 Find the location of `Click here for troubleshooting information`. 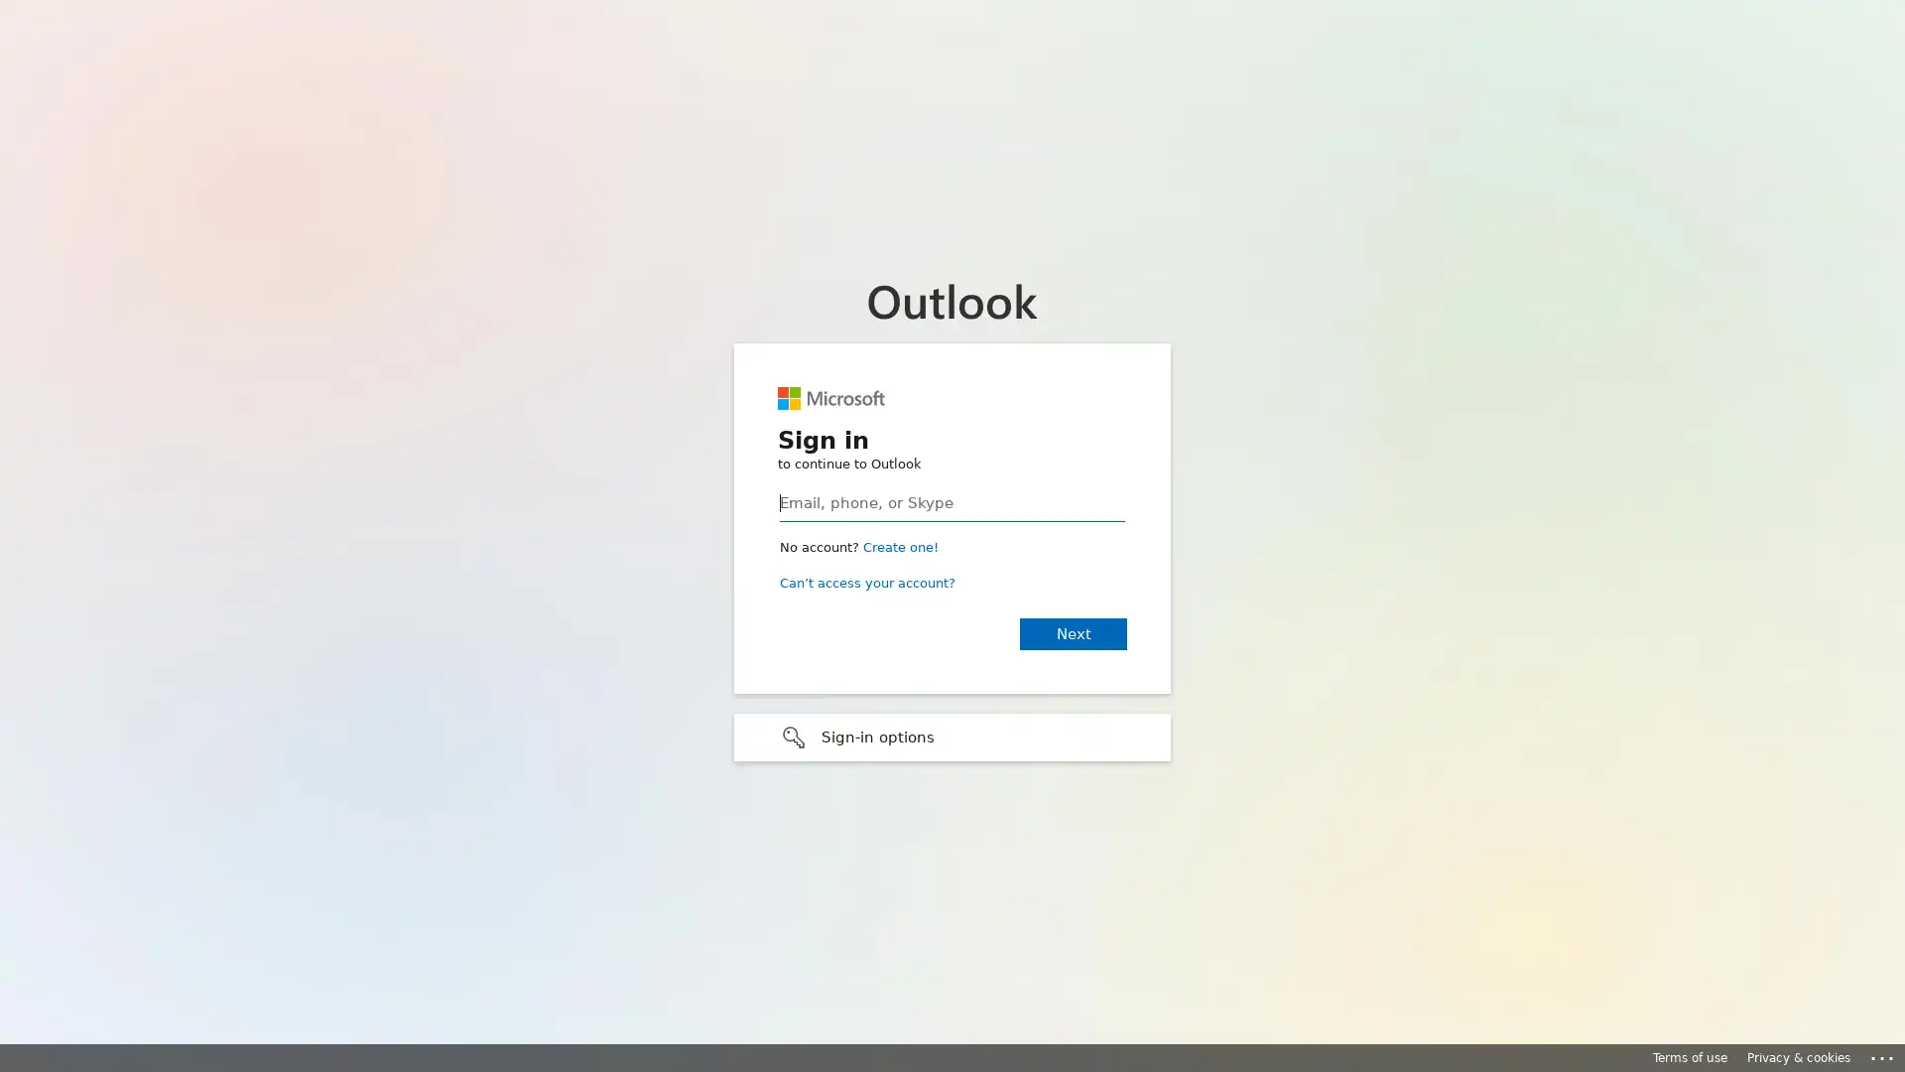

Click here for troubleshooting information is located at coordinates (1882, 1054).